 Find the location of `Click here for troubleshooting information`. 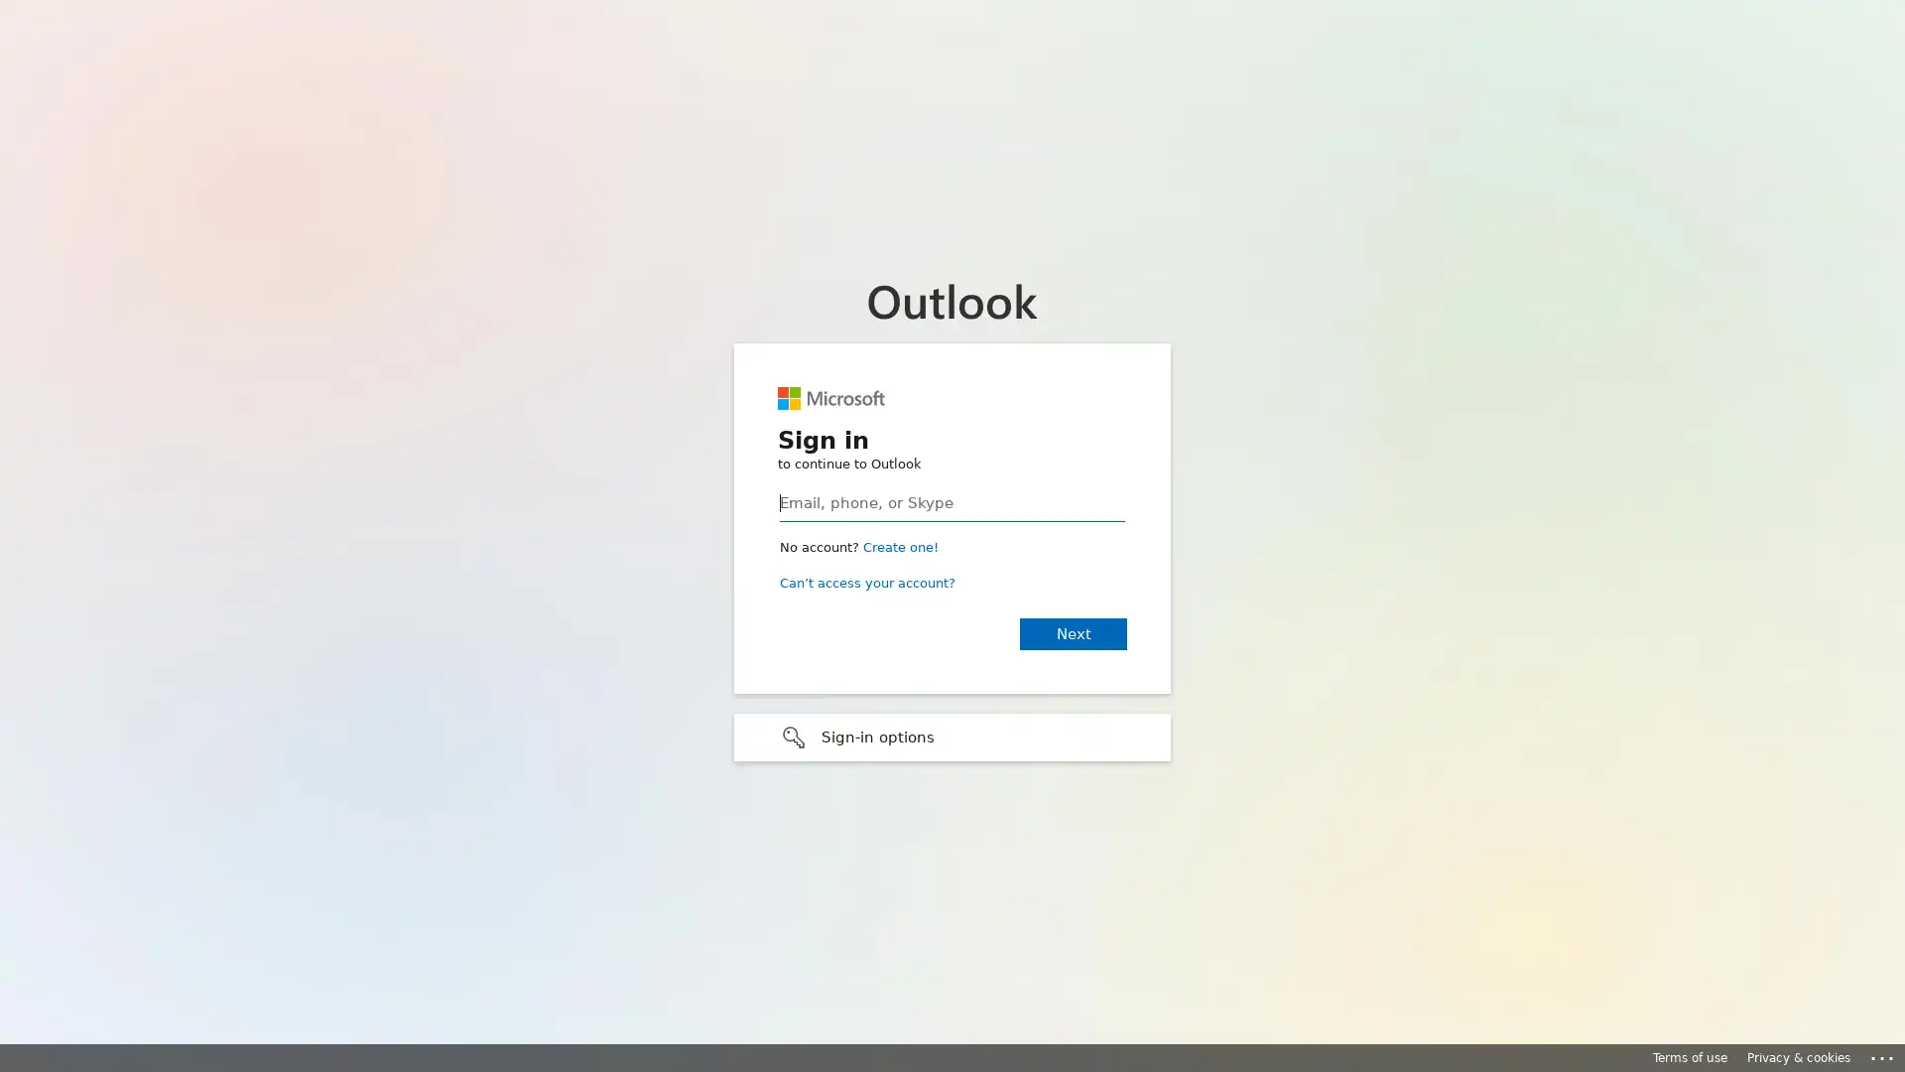

Click here for troubleshooting information is located at coordinates (1882, 1054).